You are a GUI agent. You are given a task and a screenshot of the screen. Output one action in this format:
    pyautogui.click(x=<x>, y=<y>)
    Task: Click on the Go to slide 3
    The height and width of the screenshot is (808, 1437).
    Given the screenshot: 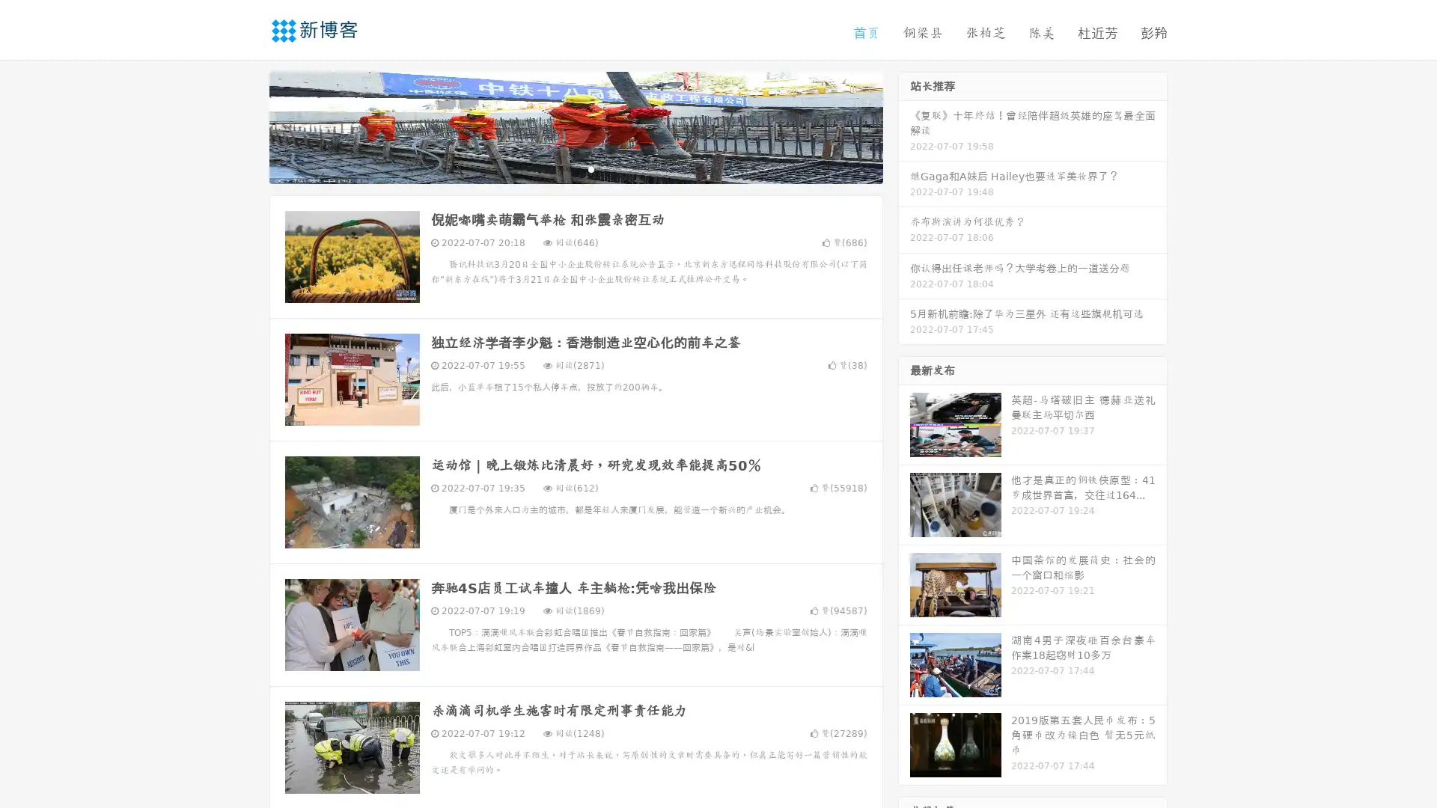 What is the action you would take?
    pyautogui.click(x=591, y=168)
    